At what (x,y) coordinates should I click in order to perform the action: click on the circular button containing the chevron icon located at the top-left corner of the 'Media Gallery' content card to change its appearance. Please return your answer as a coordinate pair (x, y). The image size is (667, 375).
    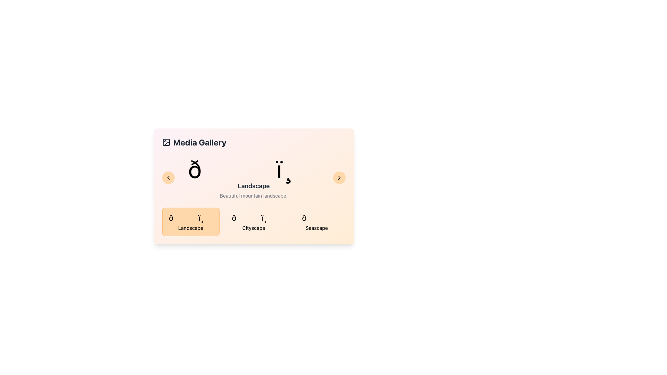
    Looking at the image, I should click on (168, 177).